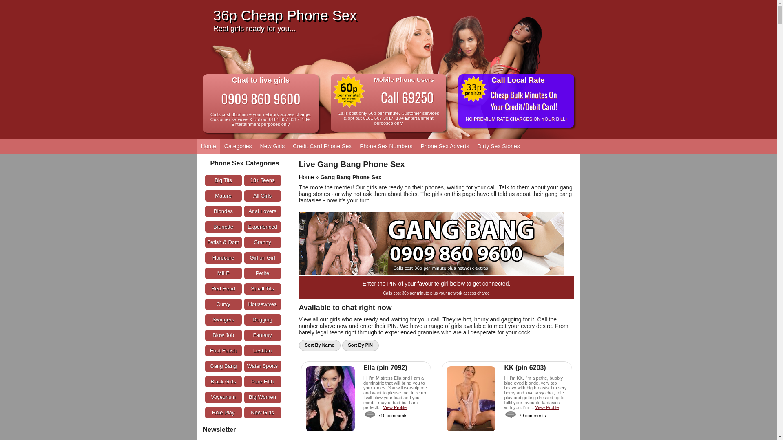  I want to click on 'Pure Filth', so click(262, 382).